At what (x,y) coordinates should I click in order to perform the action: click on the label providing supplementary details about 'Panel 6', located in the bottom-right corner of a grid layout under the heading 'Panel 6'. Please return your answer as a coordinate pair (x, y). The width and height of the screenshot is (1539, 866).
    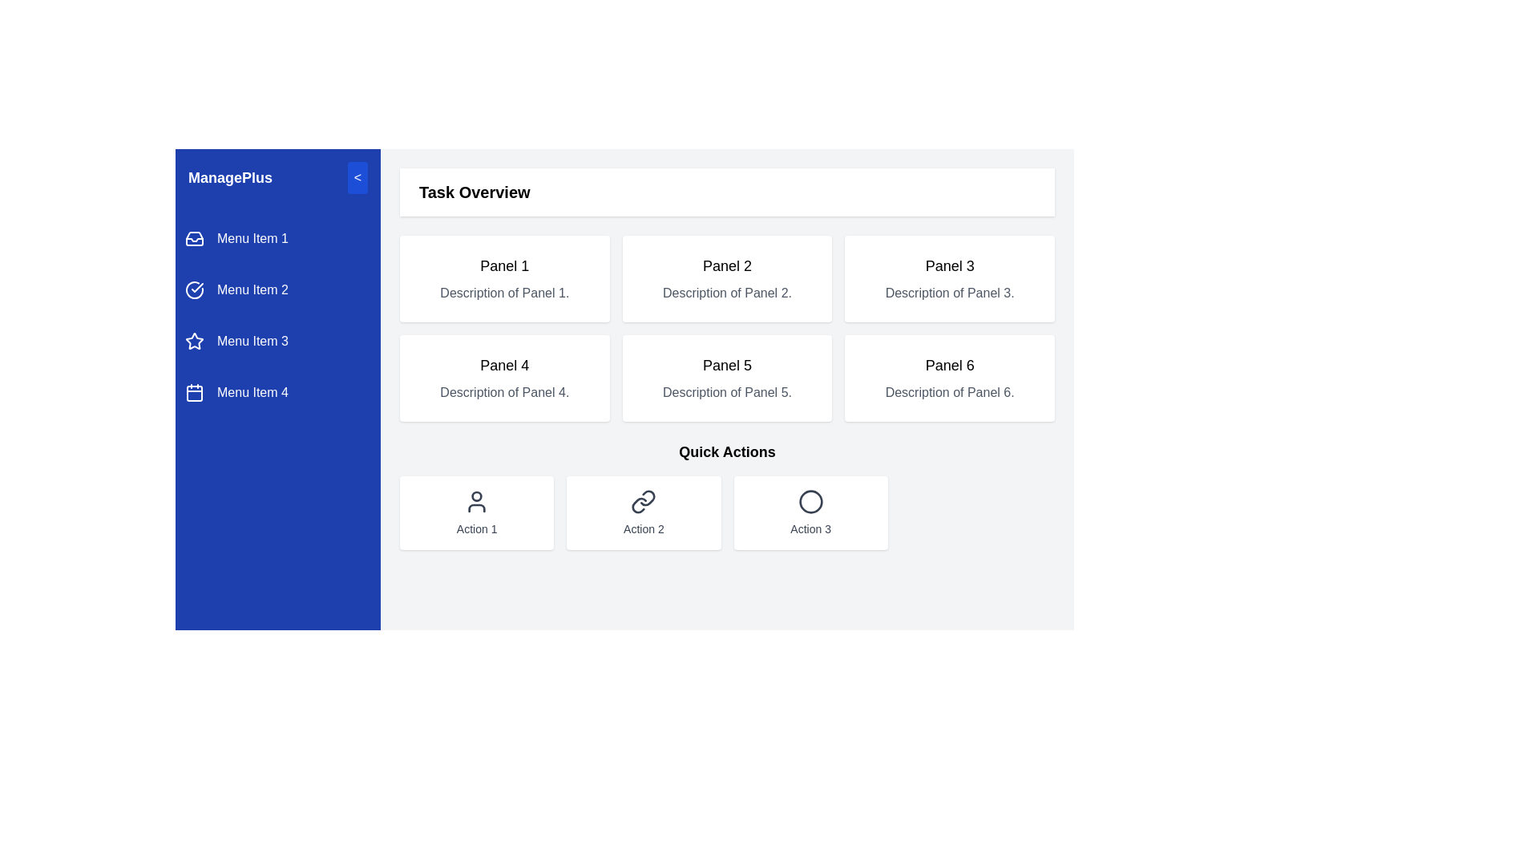
    Looking at the image, I should click on (950, 392).